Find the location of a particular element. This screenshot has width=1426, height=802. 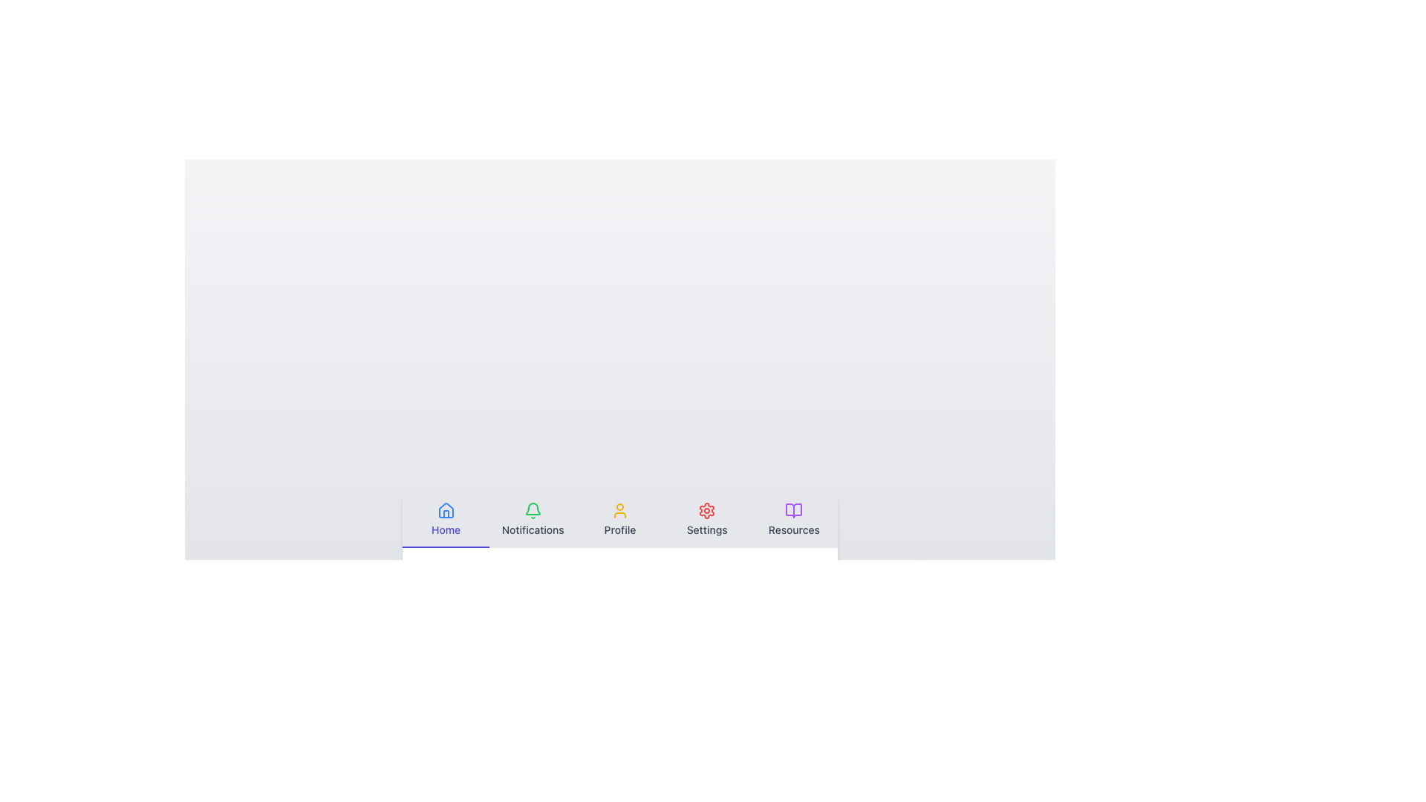

the 'Notifications' navigation tab, which features a bell icon outlined in green and dark gray text, positioned between the 'Home' and 'Profile' tabs in a horizontal navigation bar is located at coordinates (533, 520).